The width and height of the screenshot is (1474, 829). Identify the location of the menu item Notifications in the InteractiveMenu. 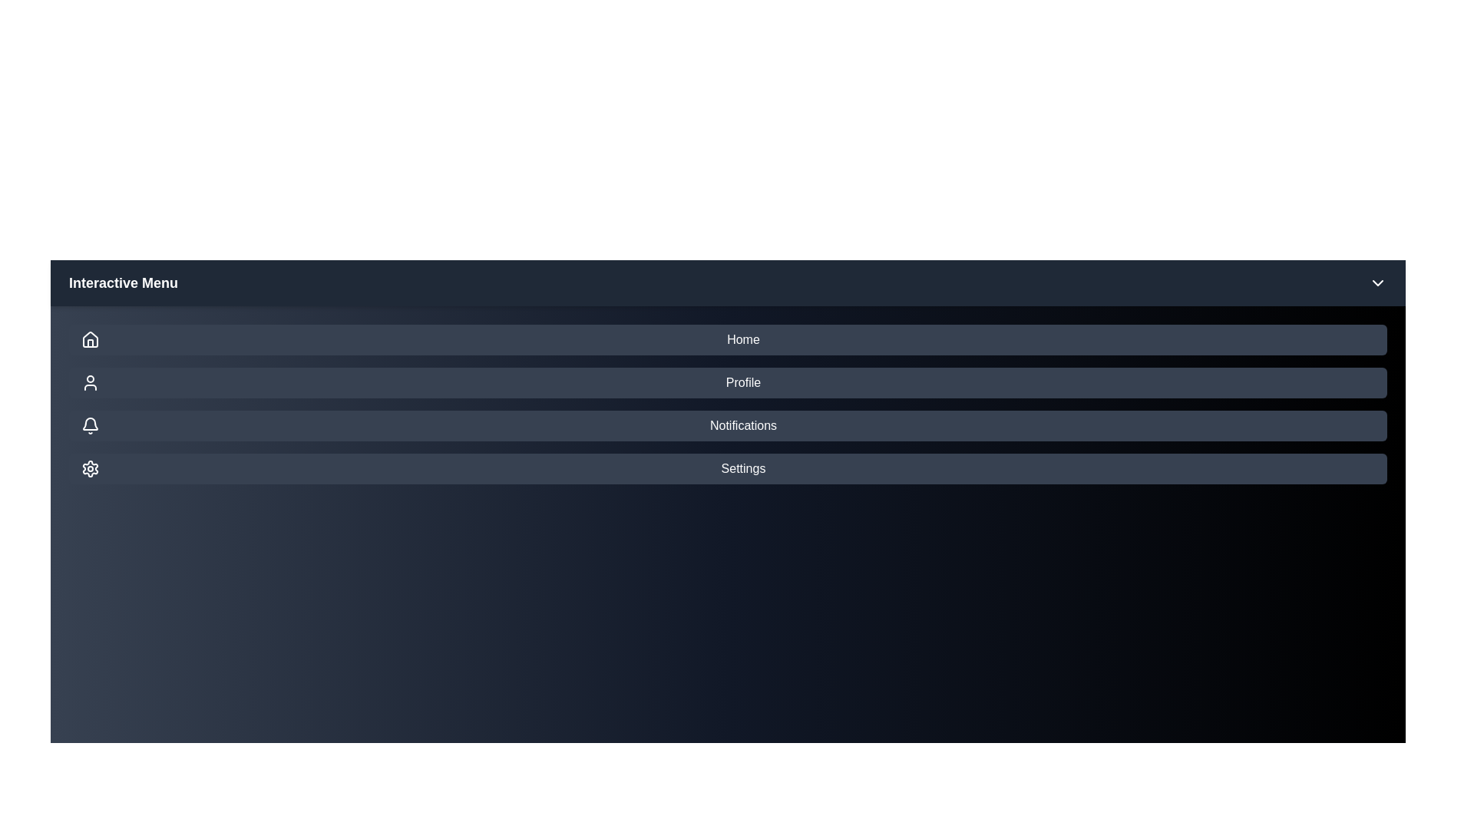
(727, 426).